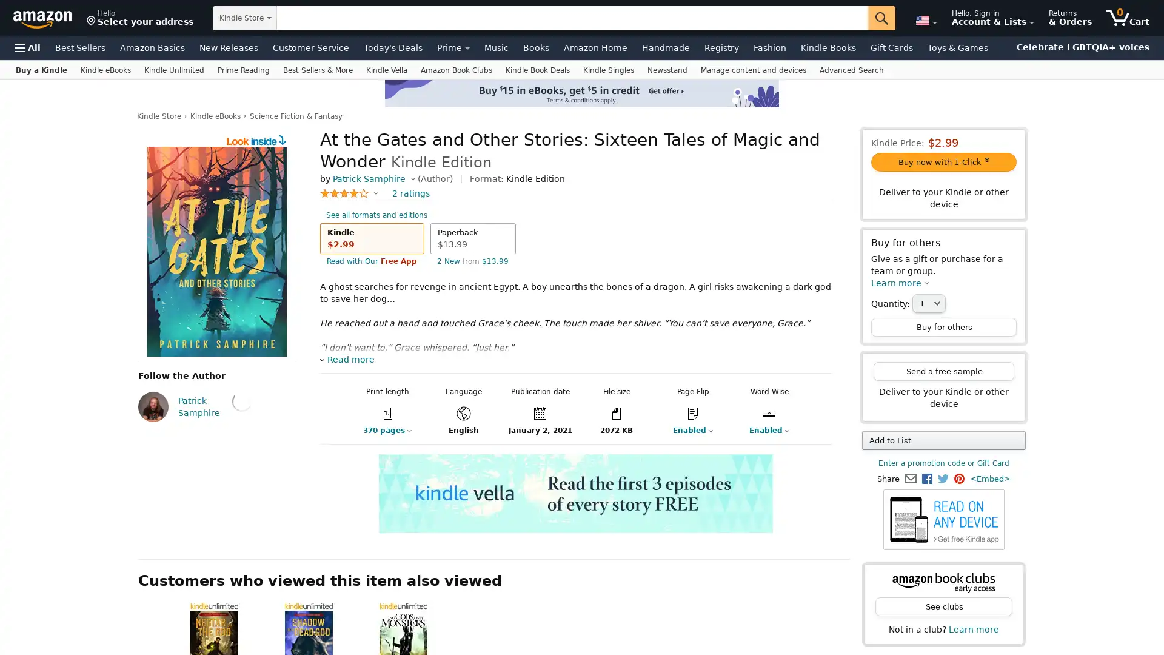  Describe the element at coordinates (943, 326) in the screenshot. I see `Buy for others` at that location.